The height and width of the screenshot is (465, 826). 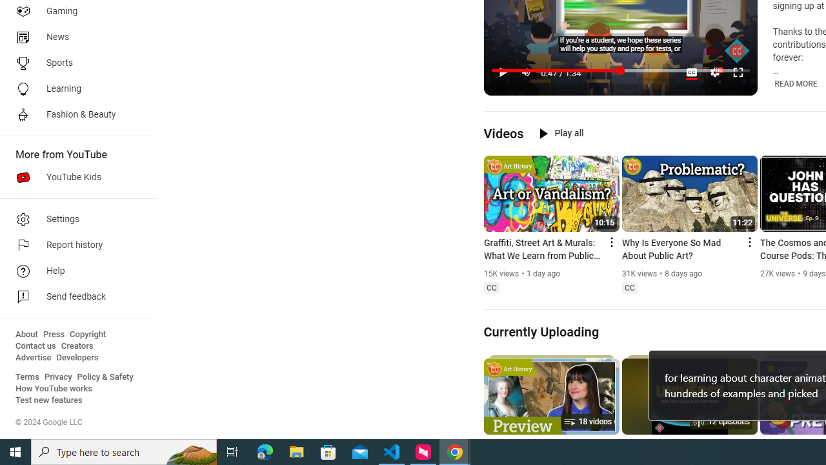 I want to click on 'Advertise', so click(x=33, y=358).